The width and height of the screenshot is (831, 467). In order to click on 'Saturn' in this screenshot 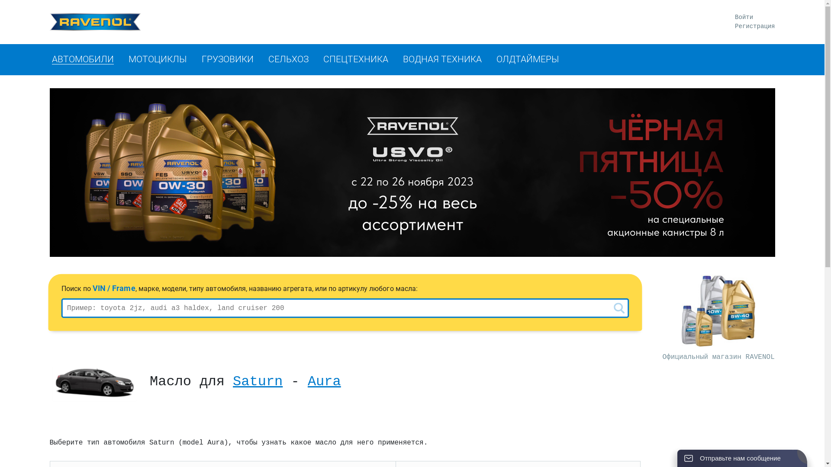, I will do `click(257, 381)`.